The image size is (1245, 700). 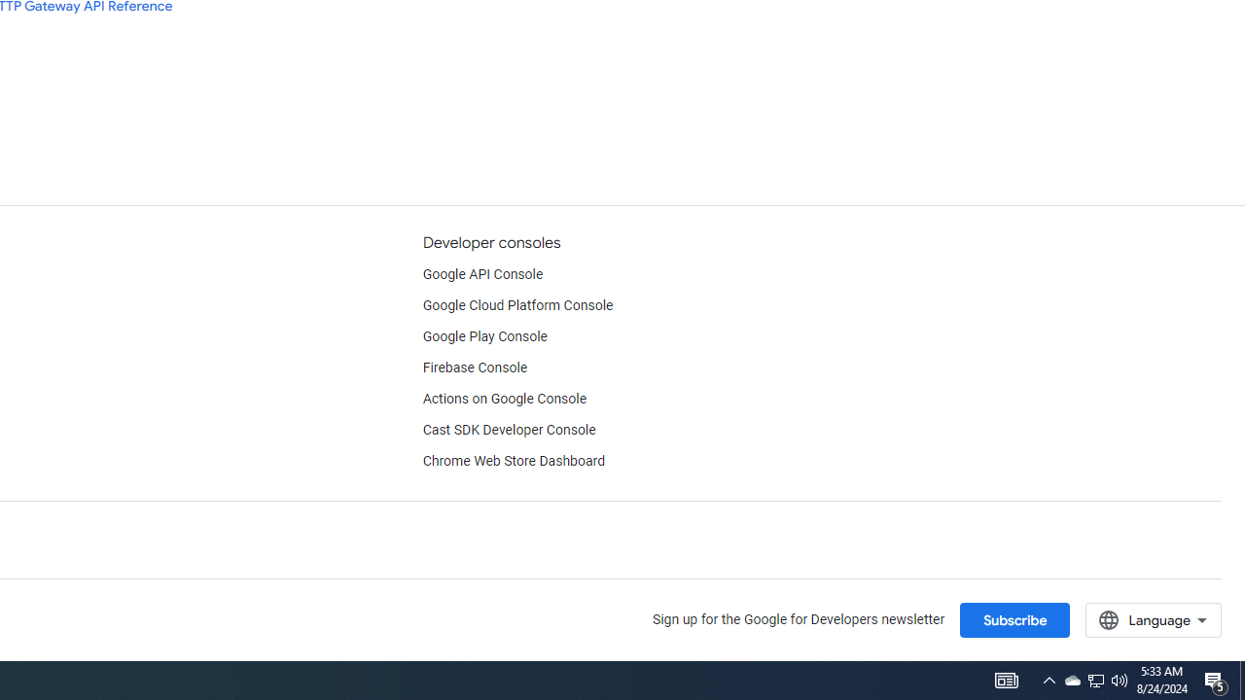 What do you see at coordinates (509, 430) in the screenshot?
I see `'Cast SDK Developer Console'` at bounding box center [509, 430].